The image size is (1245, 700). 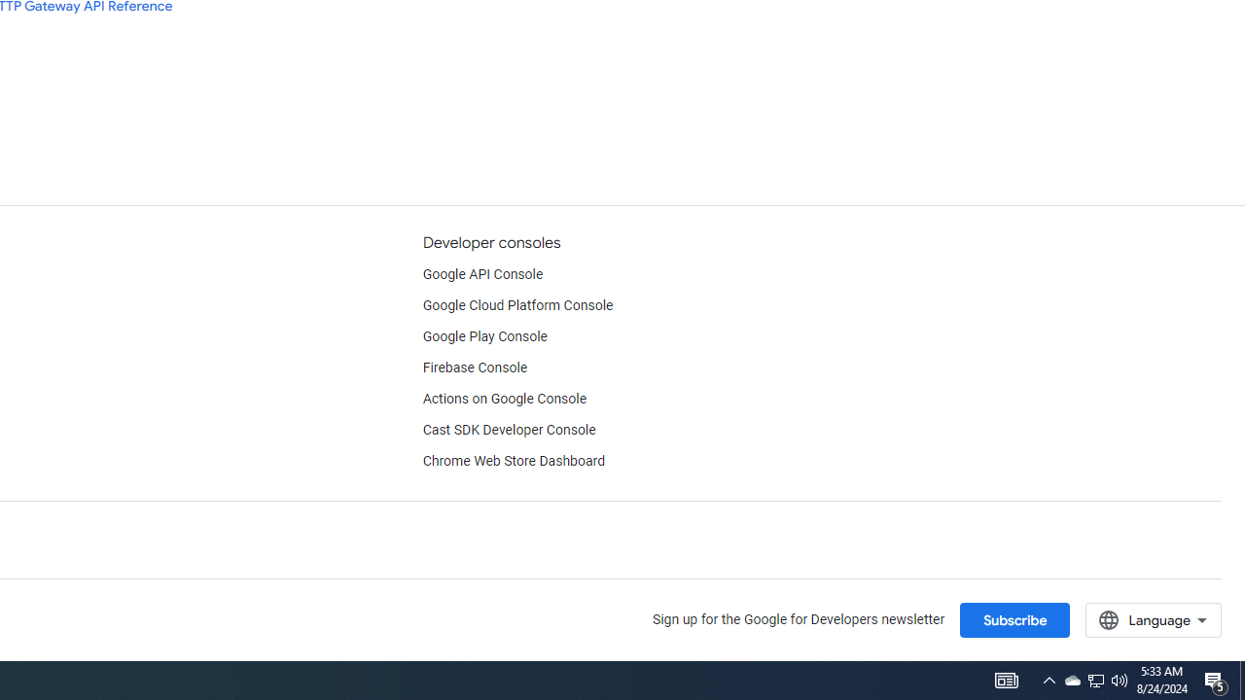 What do you see at coordinates (509, 430) in the screenshot?
I see `'Cast SDK Developer Console'` at bounding box center [509, 430].